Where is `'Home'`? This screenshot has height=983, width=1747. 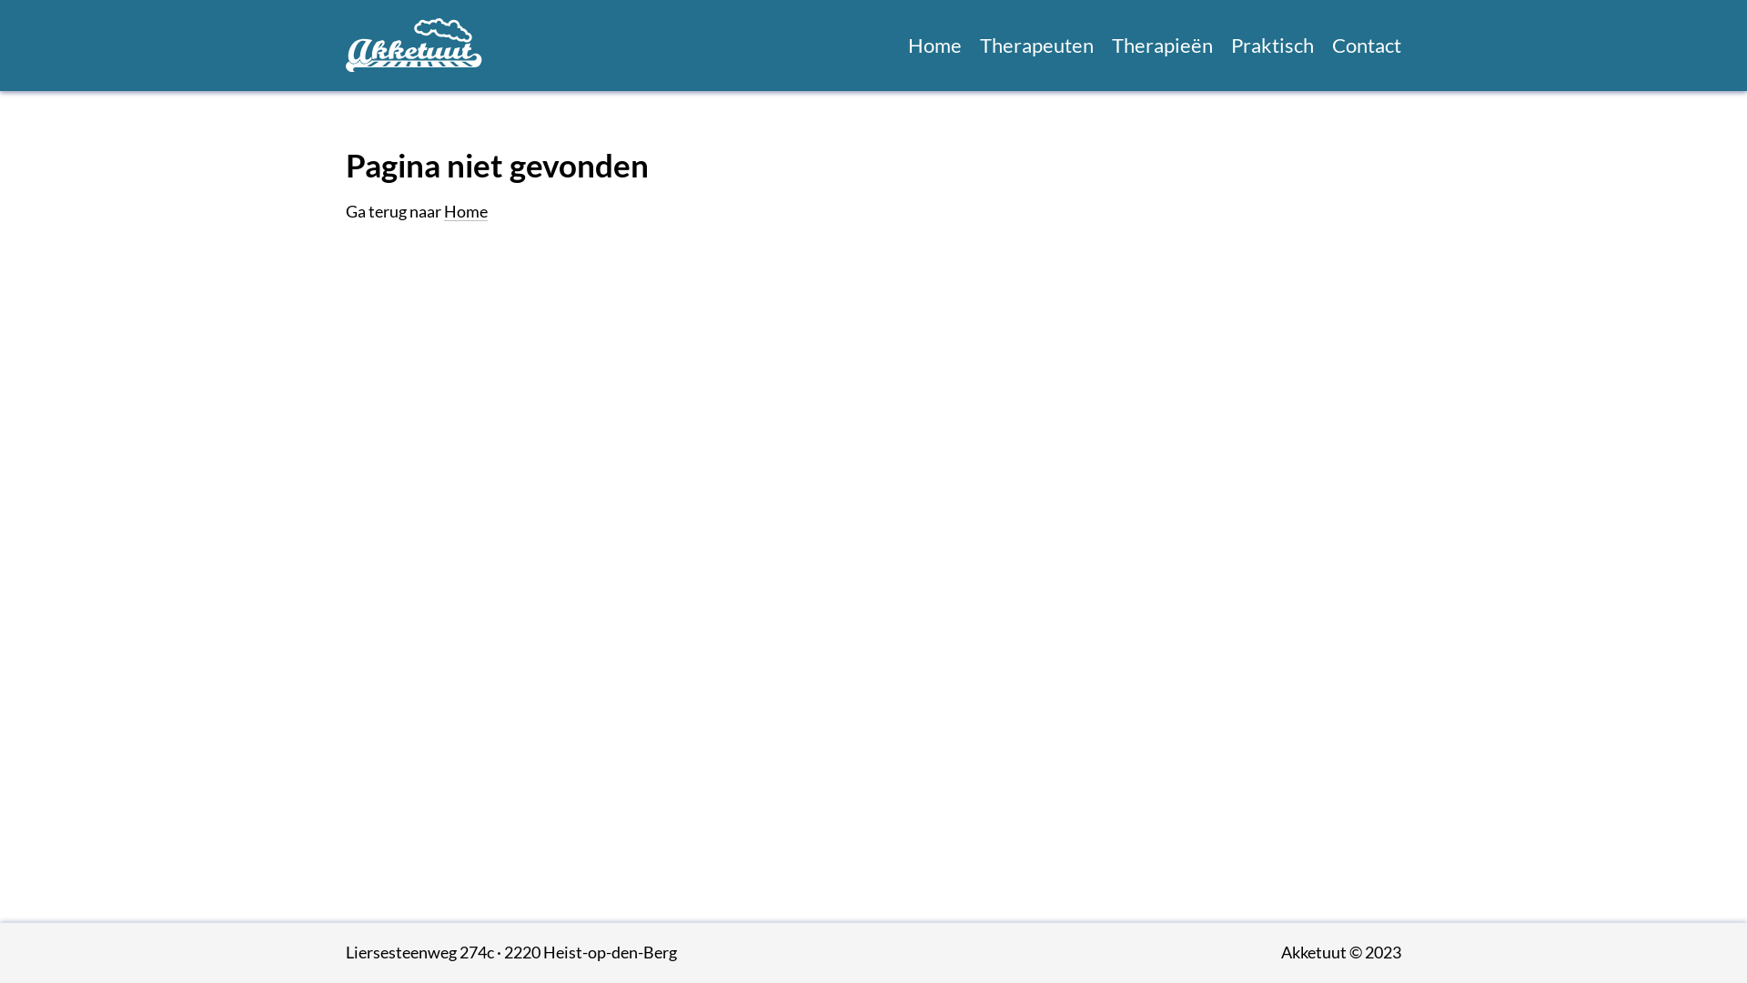 'Home' is located at coordinates (466, 210).